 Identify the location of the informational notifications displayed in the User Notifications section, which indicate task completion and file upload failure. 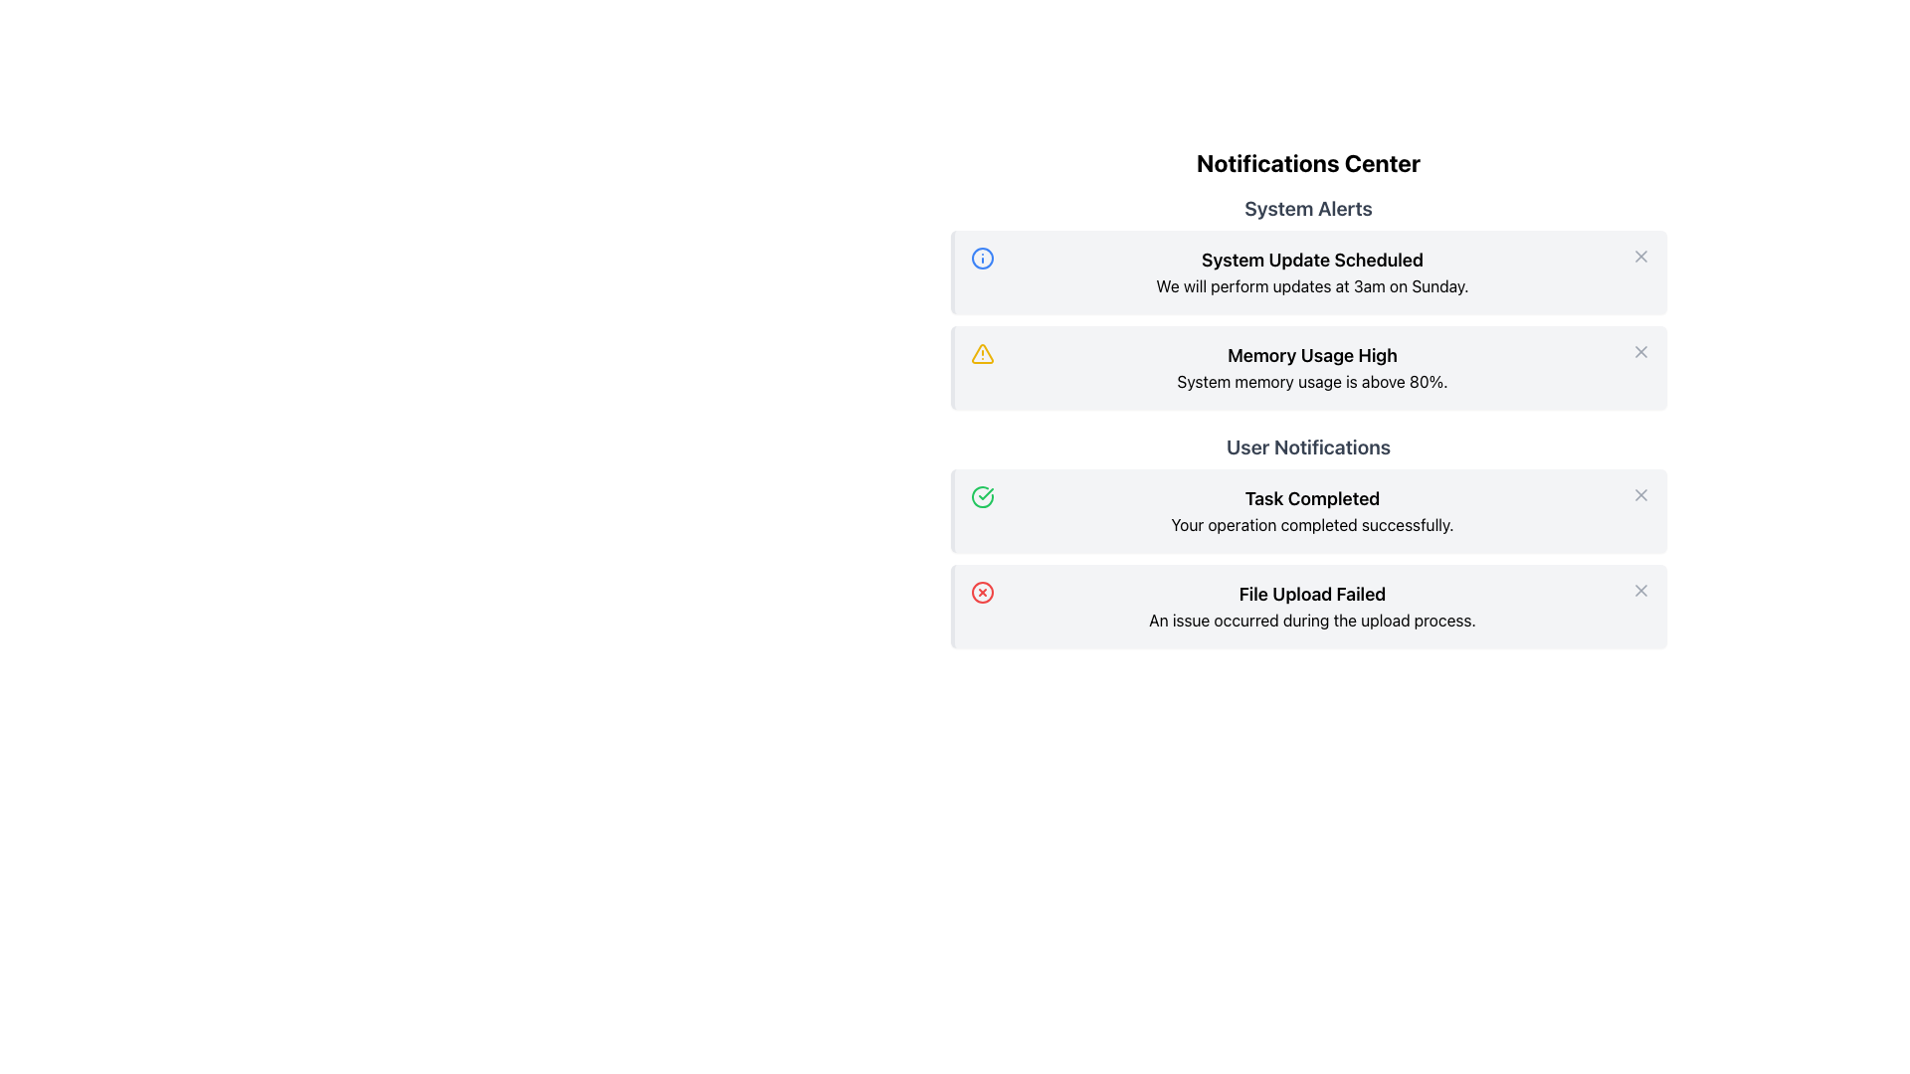
(1308, 559).